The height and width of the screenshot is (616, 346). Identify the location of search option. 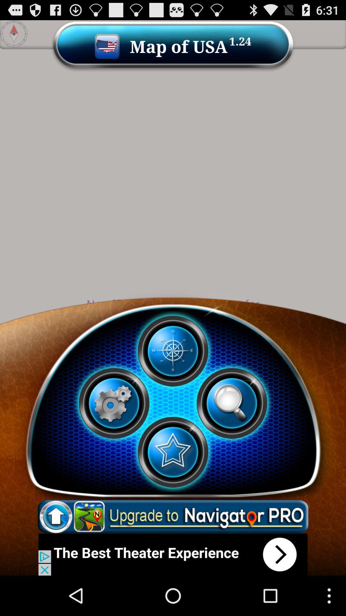
(232, 403).